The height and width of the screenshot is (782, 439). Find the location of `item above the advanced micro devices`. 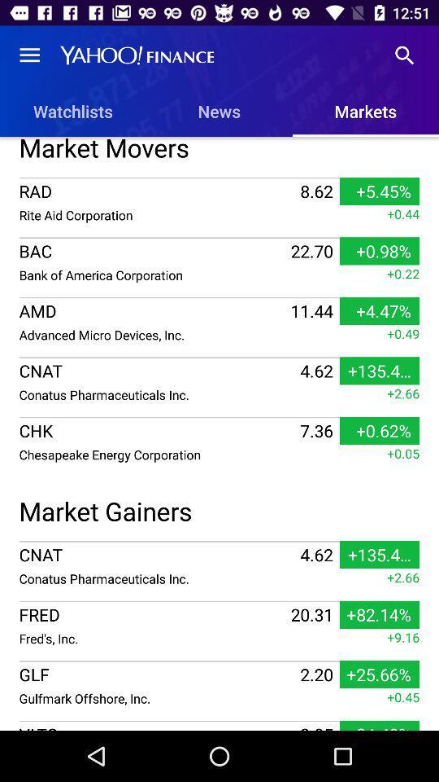

item above the advanced micro devices is located at coordinates (153, 310).